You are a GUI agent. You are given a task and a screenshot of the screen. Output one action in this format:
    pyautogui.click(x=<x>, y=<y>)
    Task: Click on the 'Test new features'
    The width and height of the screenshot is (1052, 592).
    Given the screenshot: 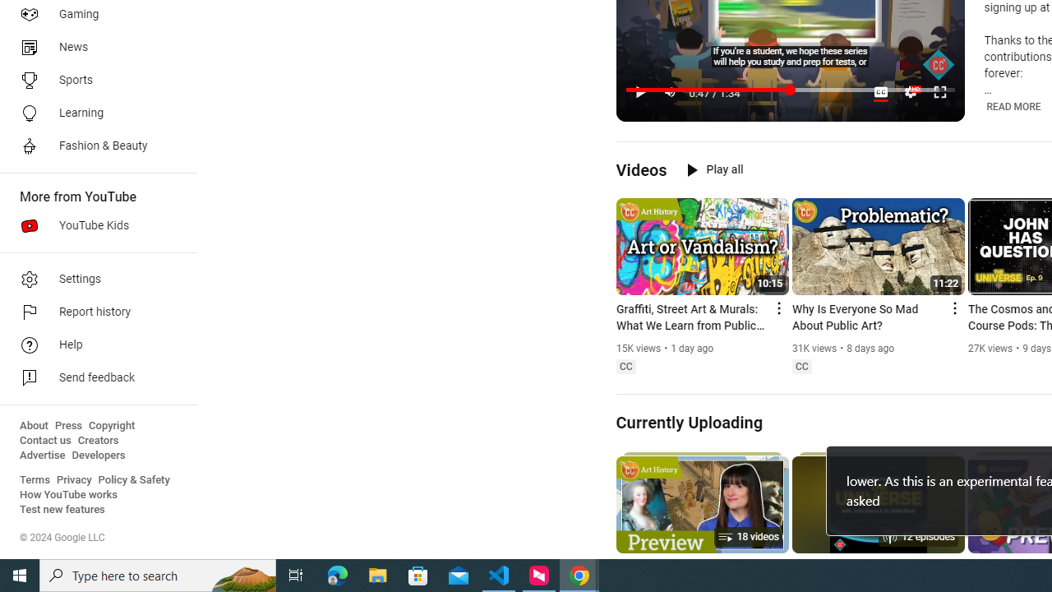 What is the action you would take?
    pyautogui.click(x=62, y=509)
    